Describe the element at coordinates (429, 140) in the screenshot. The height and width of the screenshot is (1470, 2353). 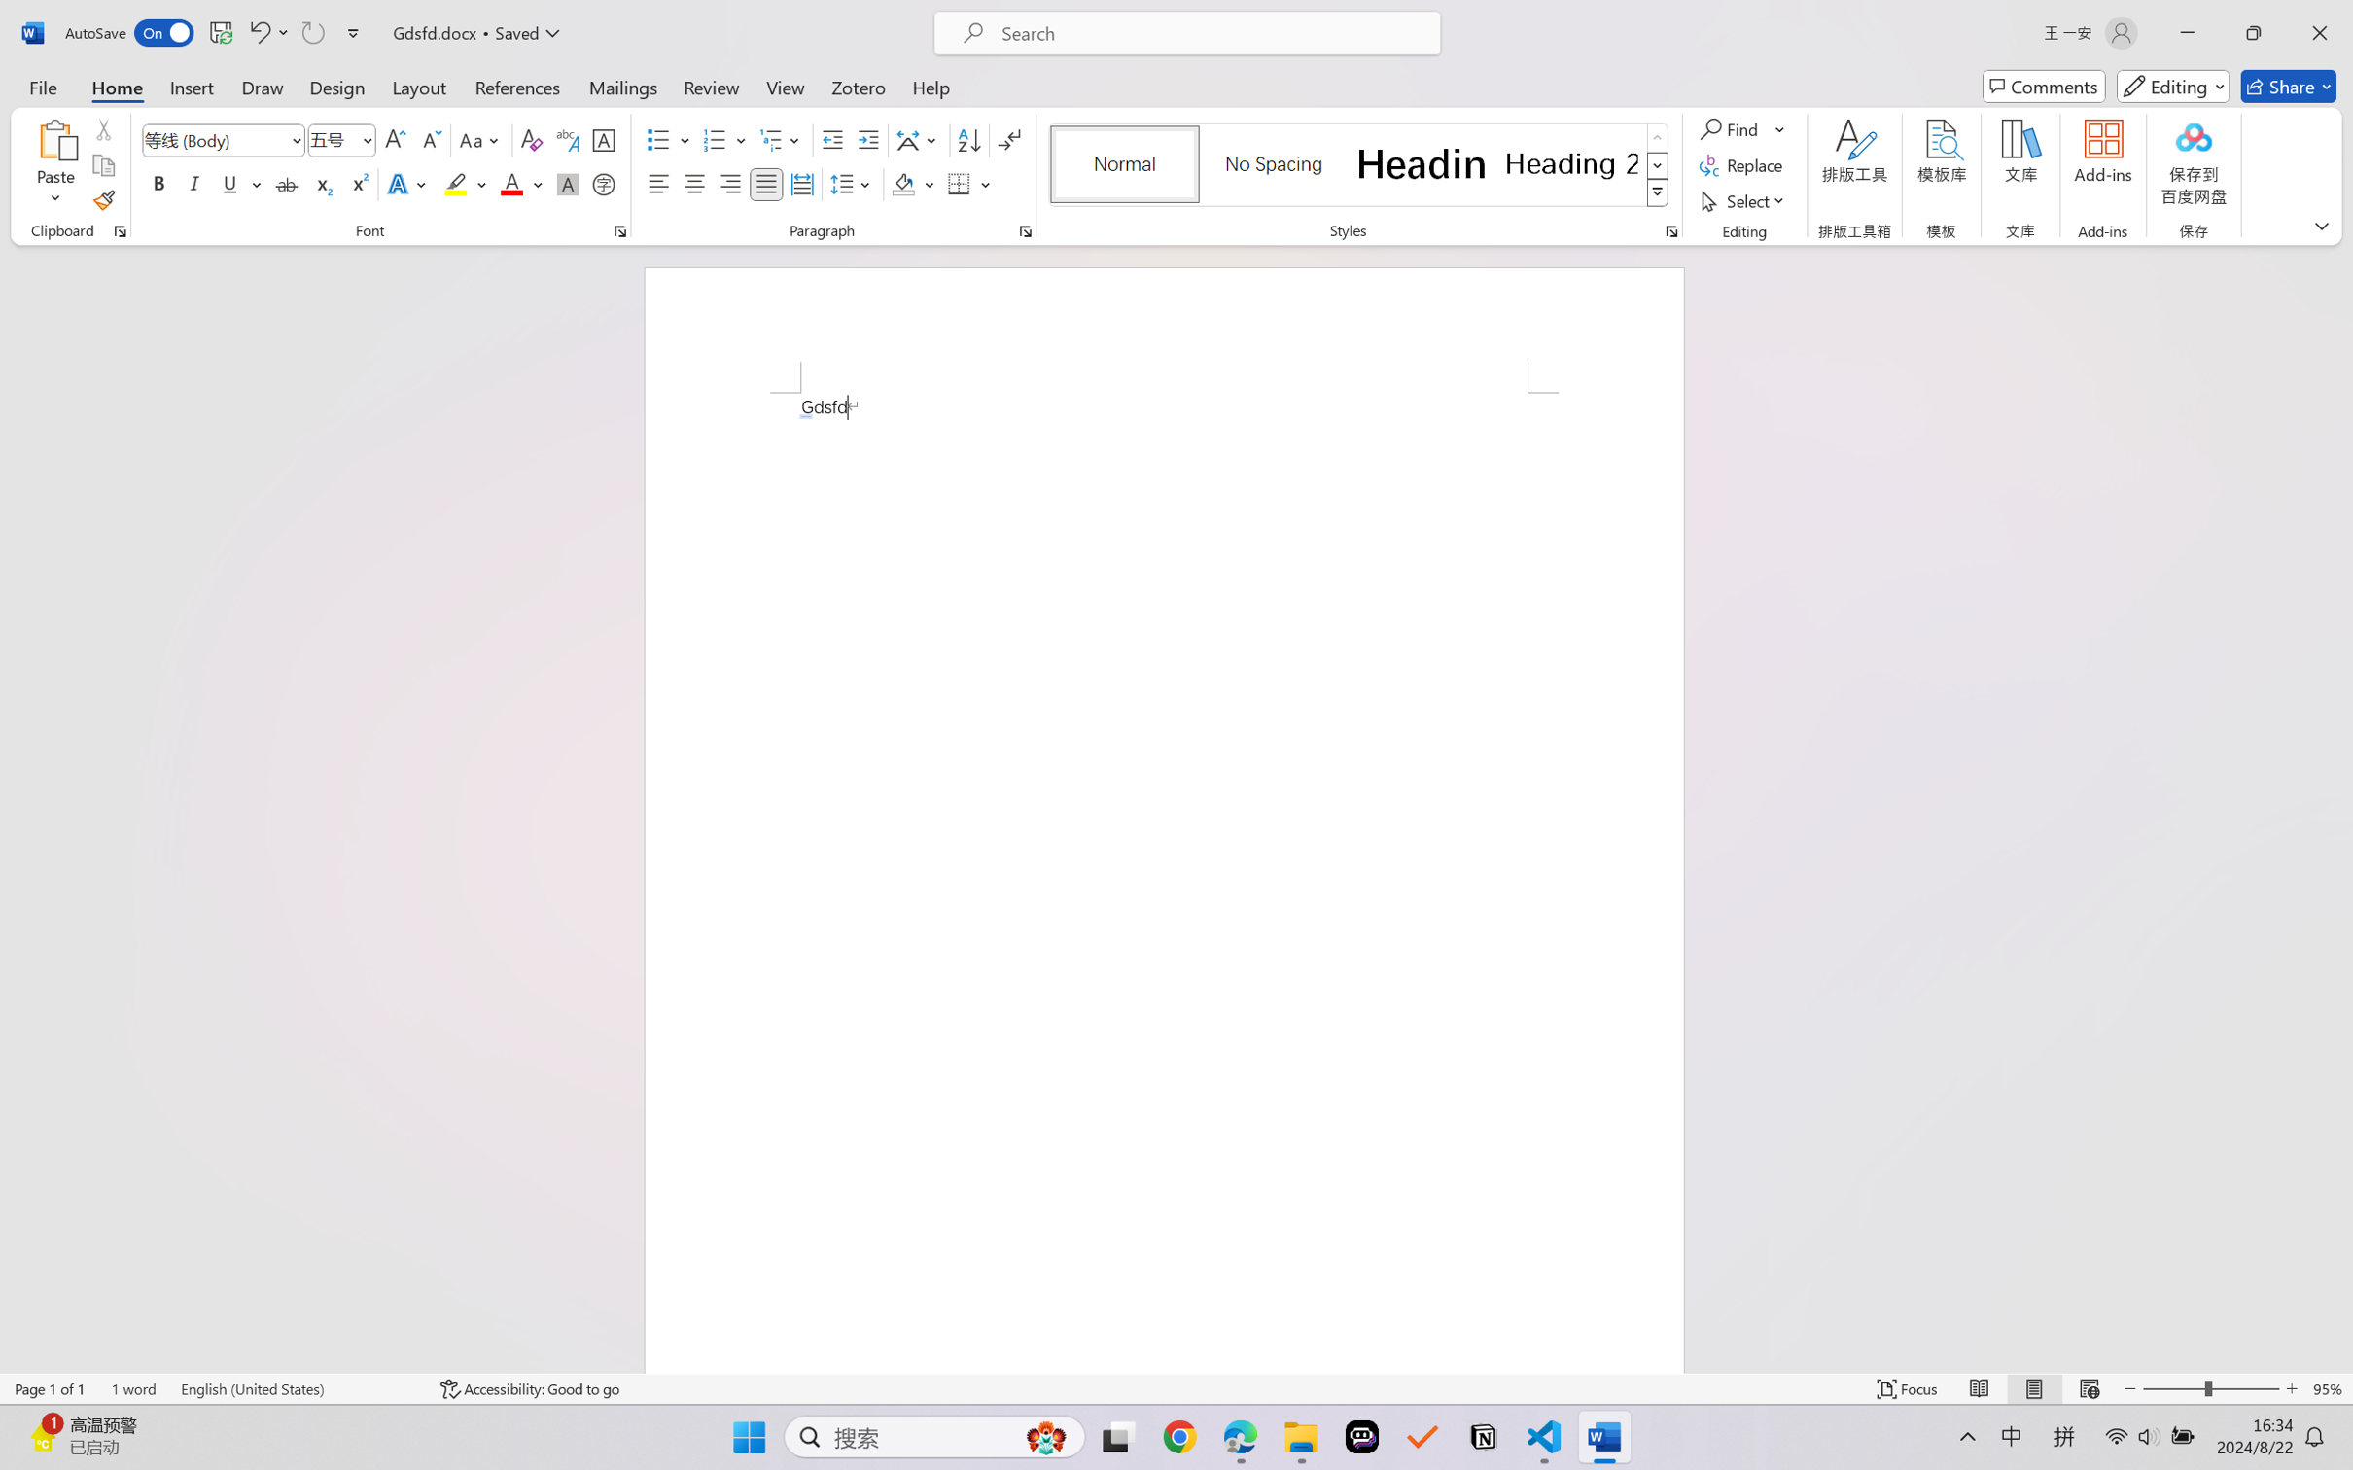
I see `'Shrink Font'` at that location.